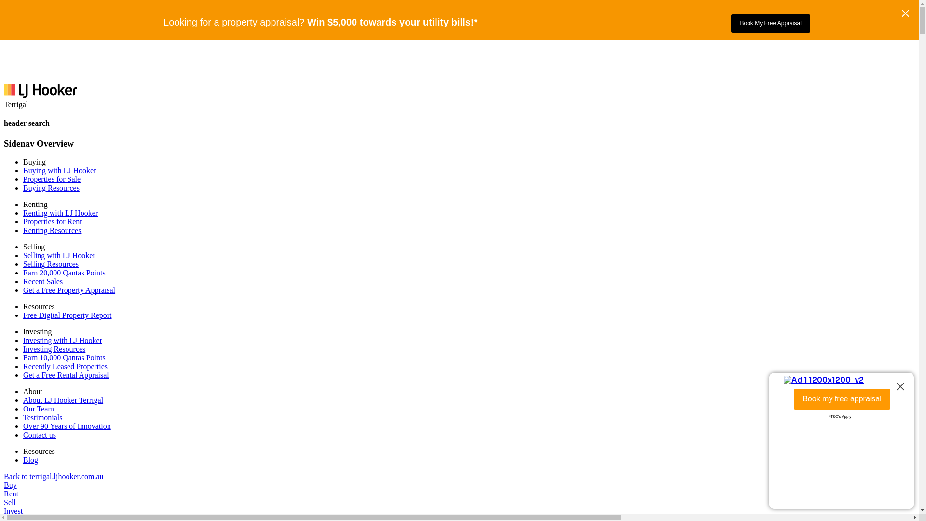 The height and width of the screenshot is (521, 926). Describe the element at coordinates (60, 212) in the screenshot. I see `'Renting with LJ Hooker'` at that location.